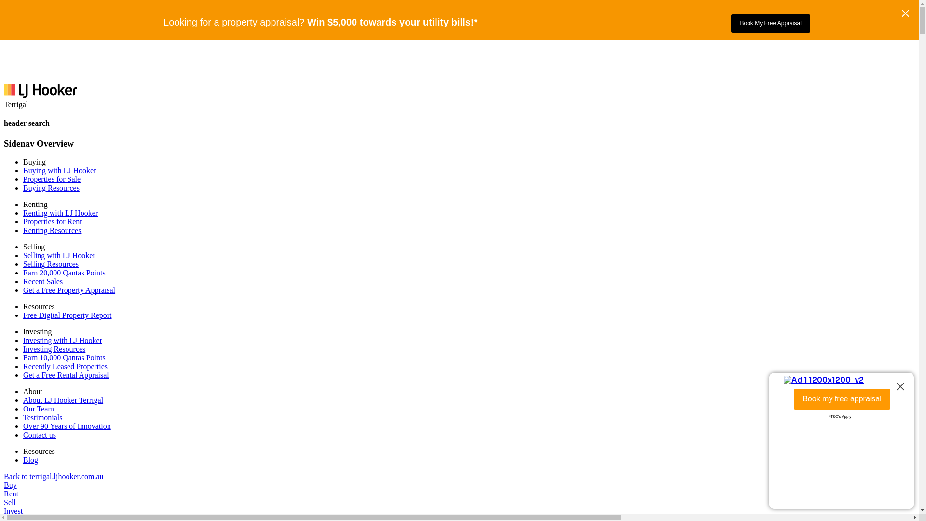 The height and width of the screenshot is (521, 926). Describe the element at coordinates (60, 212) in the screenshot. I see `'Renting with LJ Hooker'` at that location.